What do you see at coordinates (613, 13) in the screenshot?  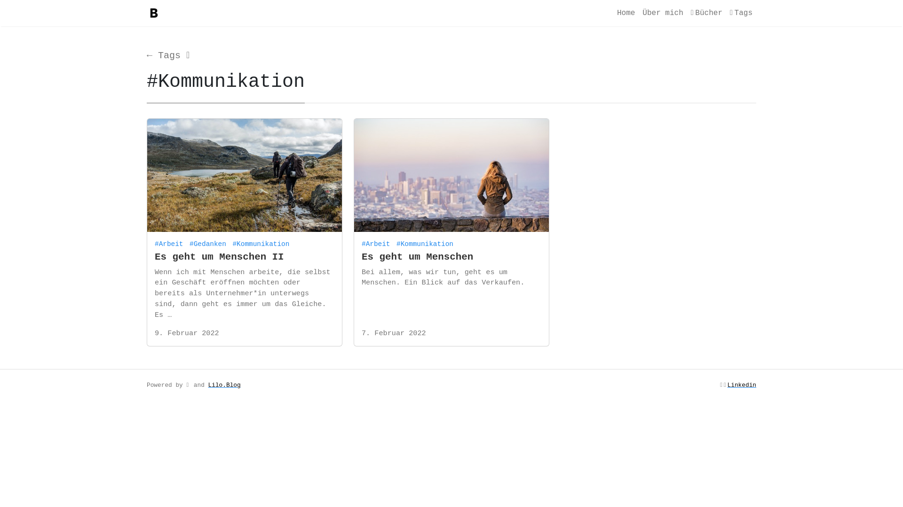 I see `'Home'` at bounding box center [613, 13].